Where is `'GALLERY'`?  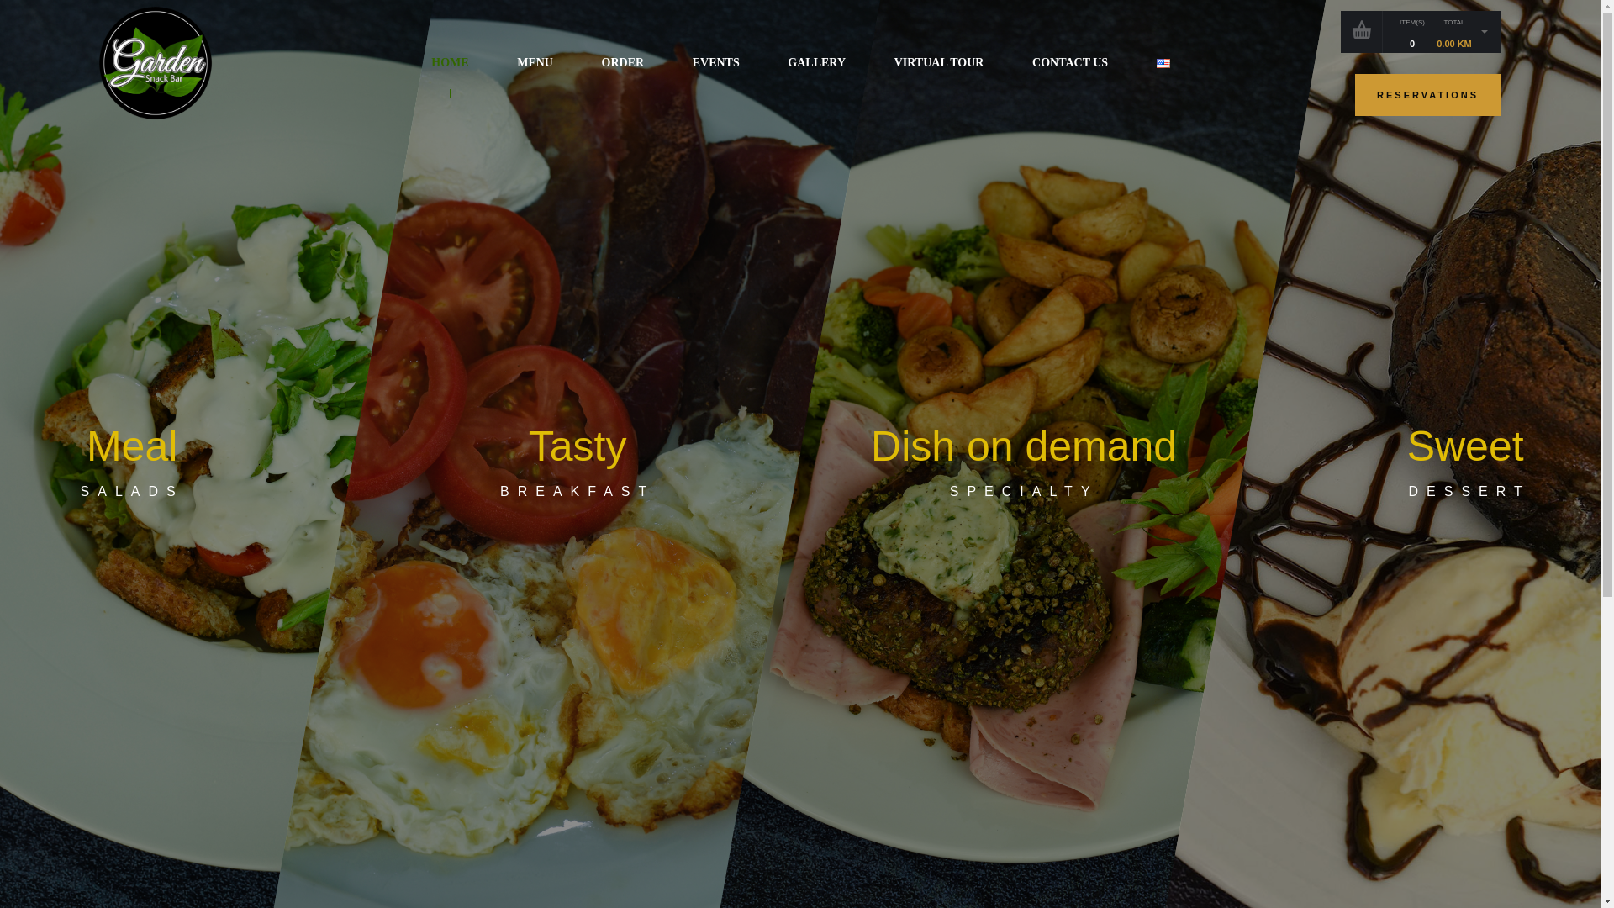
'GALLERY' is located at coordinates (816, 61).